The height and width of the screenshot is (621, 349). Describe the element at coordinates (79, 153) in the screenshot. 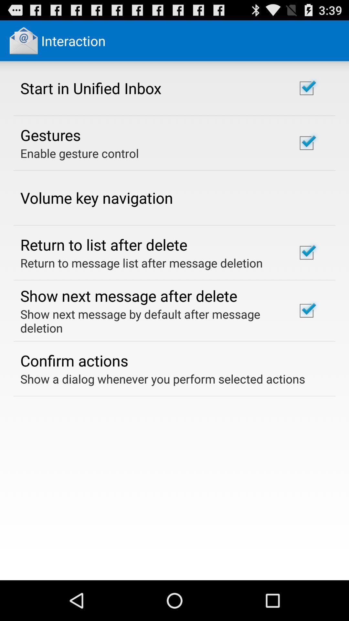

I see `the app above volume key navigation item` at that location.